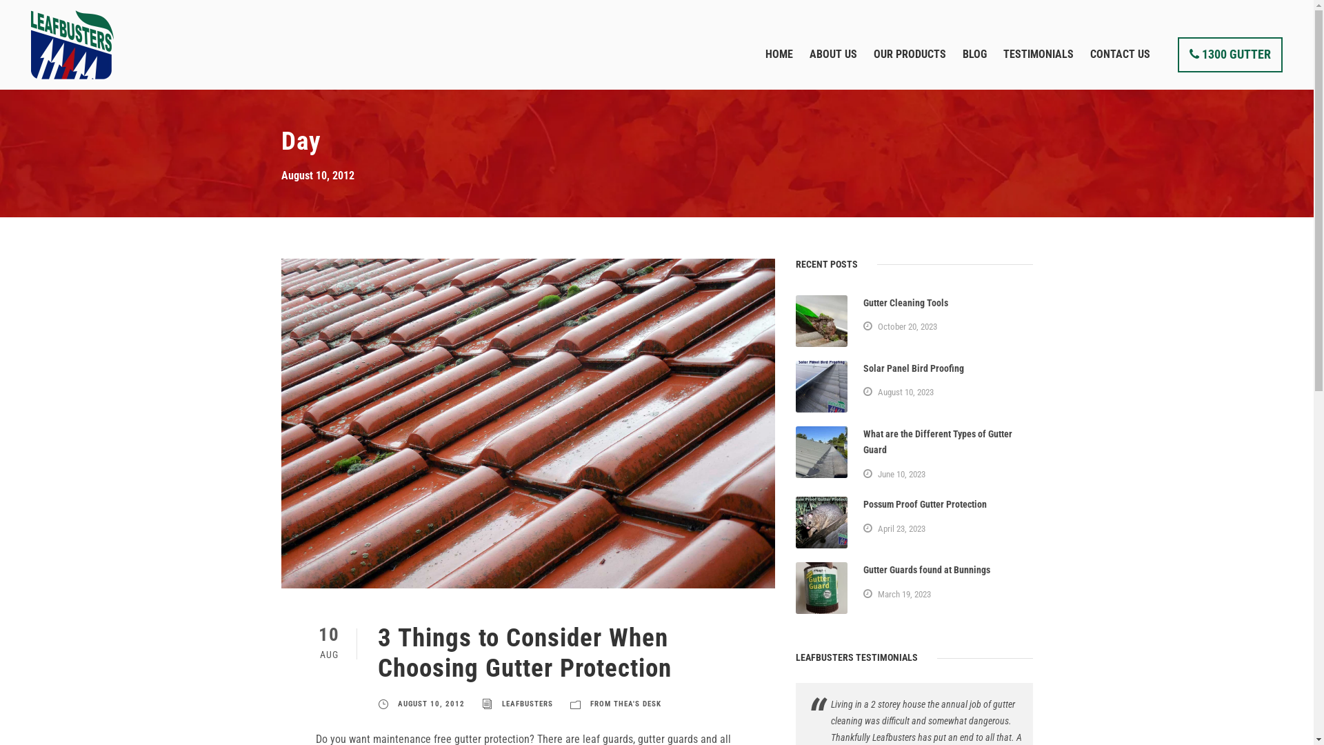 This screenshot has height=745, width=1324. What do you see at coordinates (821, 452) in the screenshot?
I see `'What are the different types of gutter guards'` at bounding box center [821, 452].